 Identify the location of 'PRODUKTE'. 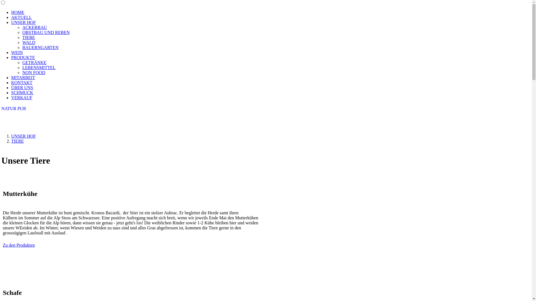
(23, 57).